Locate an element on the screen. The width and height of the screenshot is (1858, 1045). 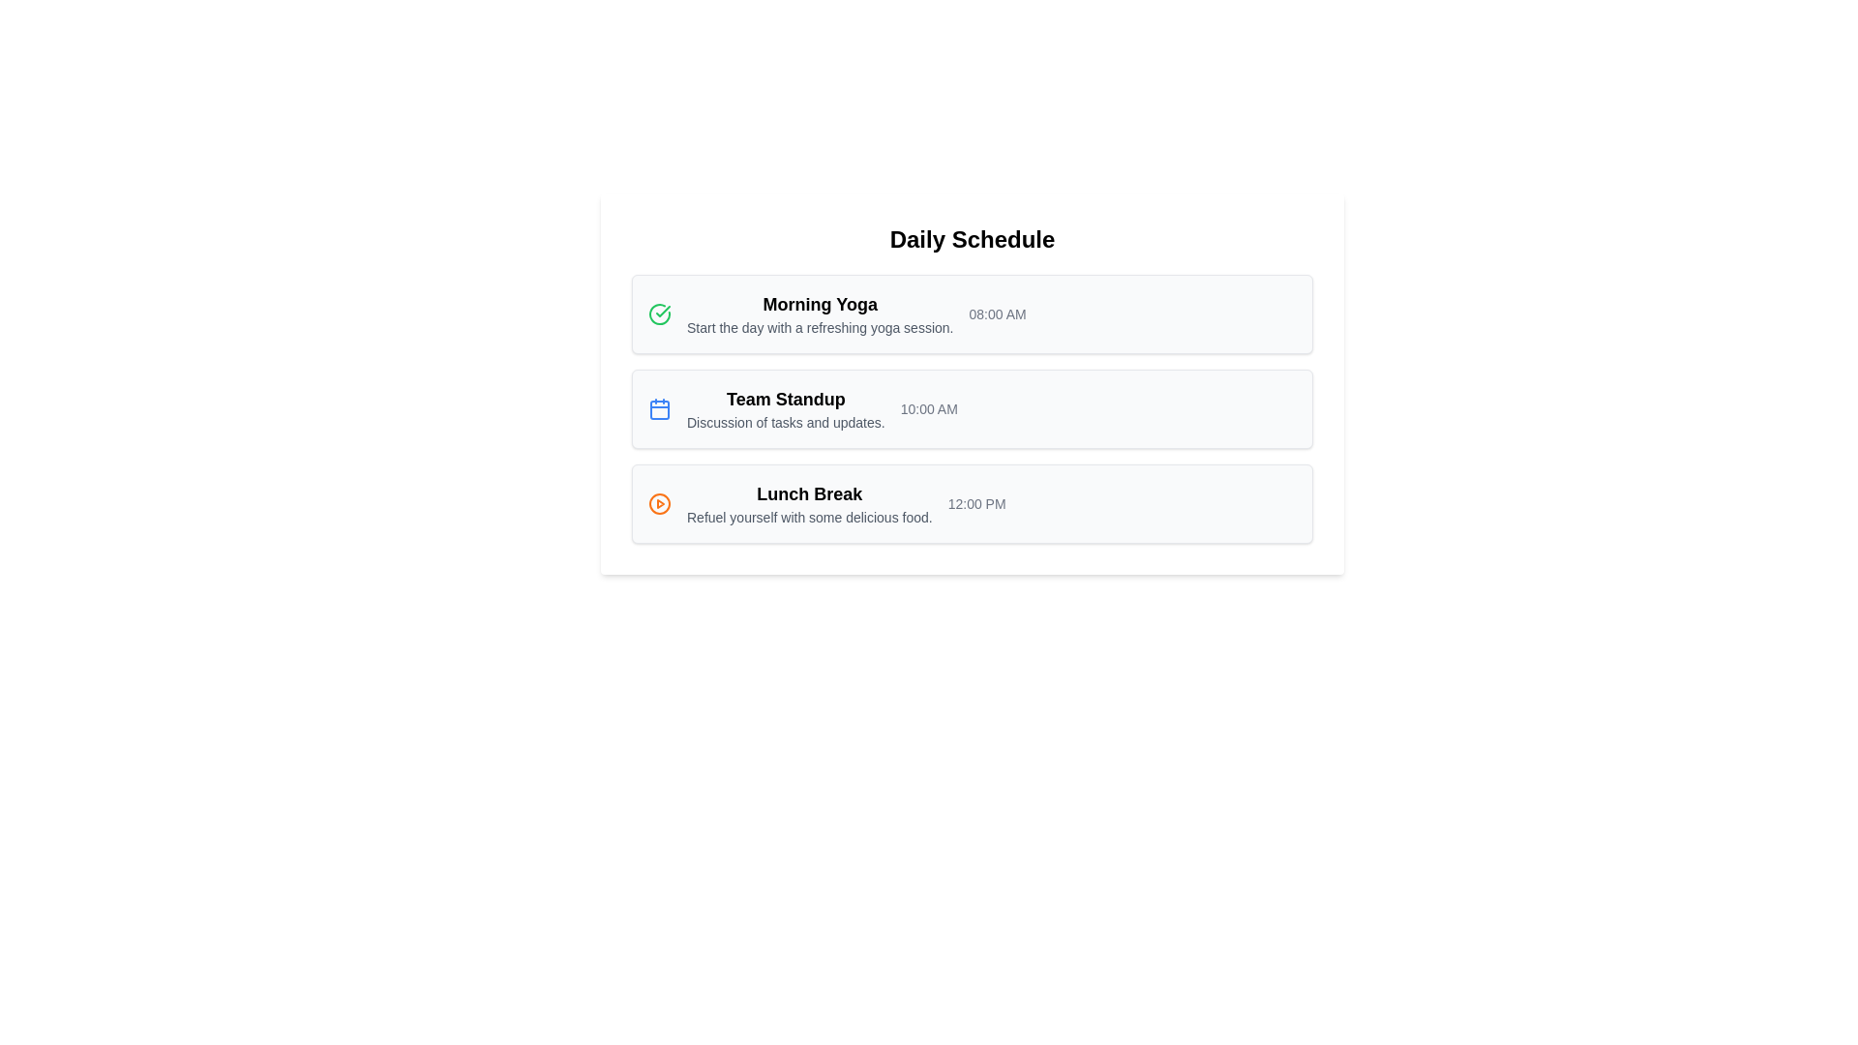
the third entry in the 'Daily Schedule' list, which contains a circular orange icon, the text 'Lunch Break' in bold, a description 'Refuel yourself with some delicious food.' and the time '12:00 PM' on the right is located at coordinates (972, 502).